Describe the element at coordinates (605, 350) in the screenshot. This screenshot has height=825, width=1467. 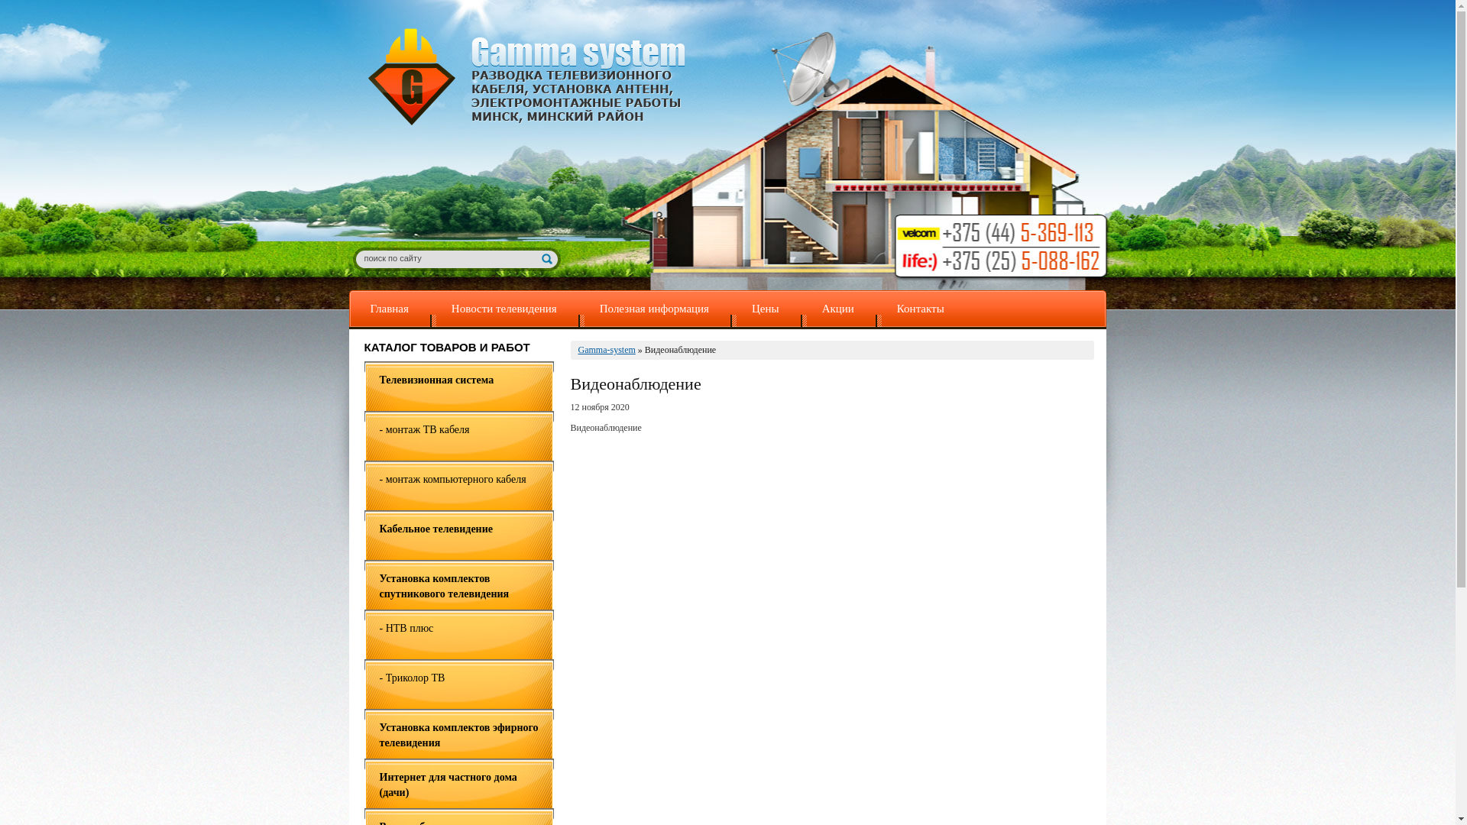
I see `'Gamma-system'` at that location.